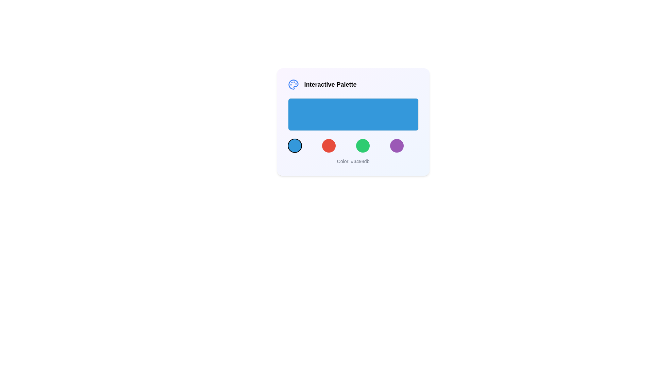 The height and width of the screenshot is (367, 653). Describe the element at coordinates (353, 84) in the screenshot. I see `the Label with an Icon located at the upper center of the card-like structure, which helps users identify the content and purpose of the section` at that location.